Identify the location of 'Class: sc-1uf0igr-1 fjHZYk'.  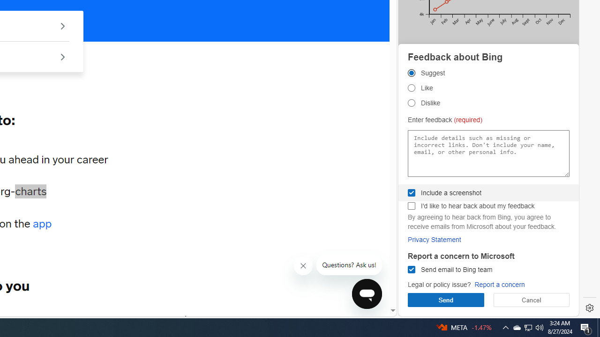
(303, 266).